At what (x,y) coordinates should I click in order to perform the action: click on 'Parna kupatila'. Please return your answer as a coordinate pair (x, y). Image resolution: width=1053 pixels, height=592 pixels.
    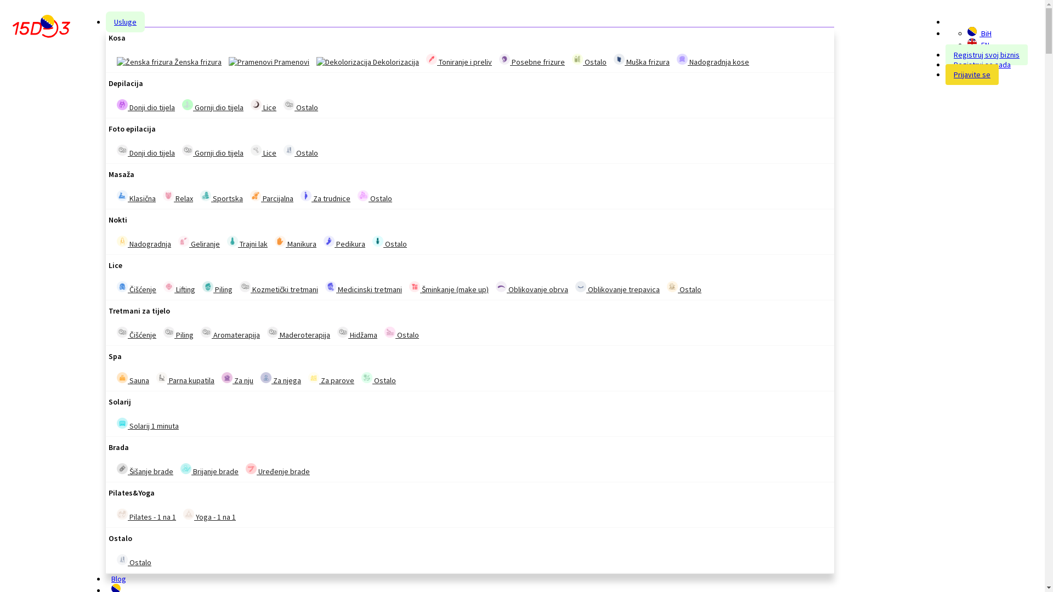
    Looking at the image, I should click on (185, 378).